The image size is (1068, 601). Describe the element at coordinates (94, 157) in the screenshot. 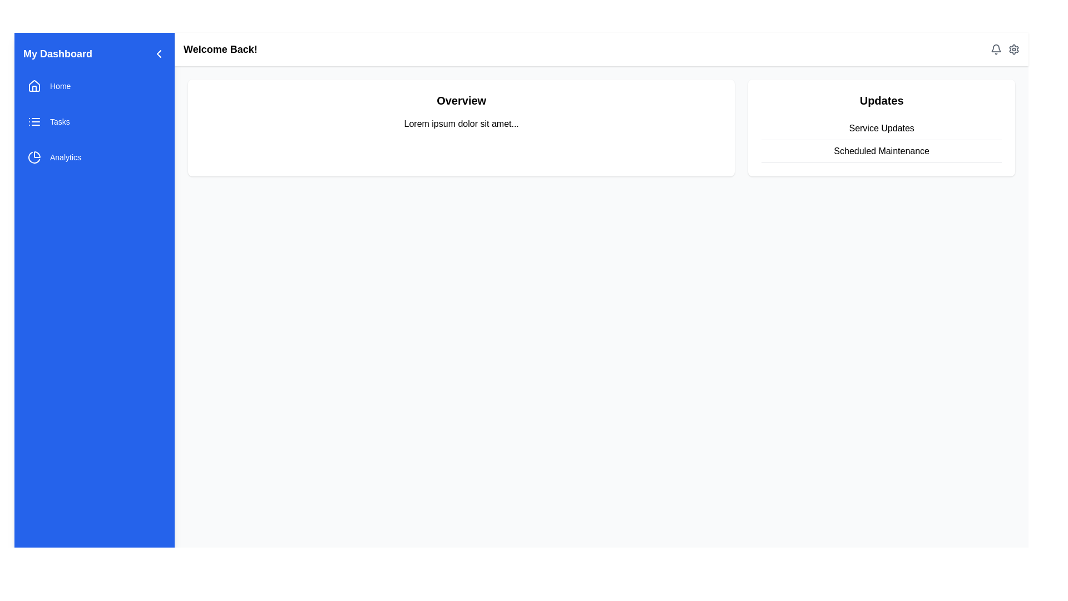

I see `the third entry in the blue sidebar navigation menu` at that location.